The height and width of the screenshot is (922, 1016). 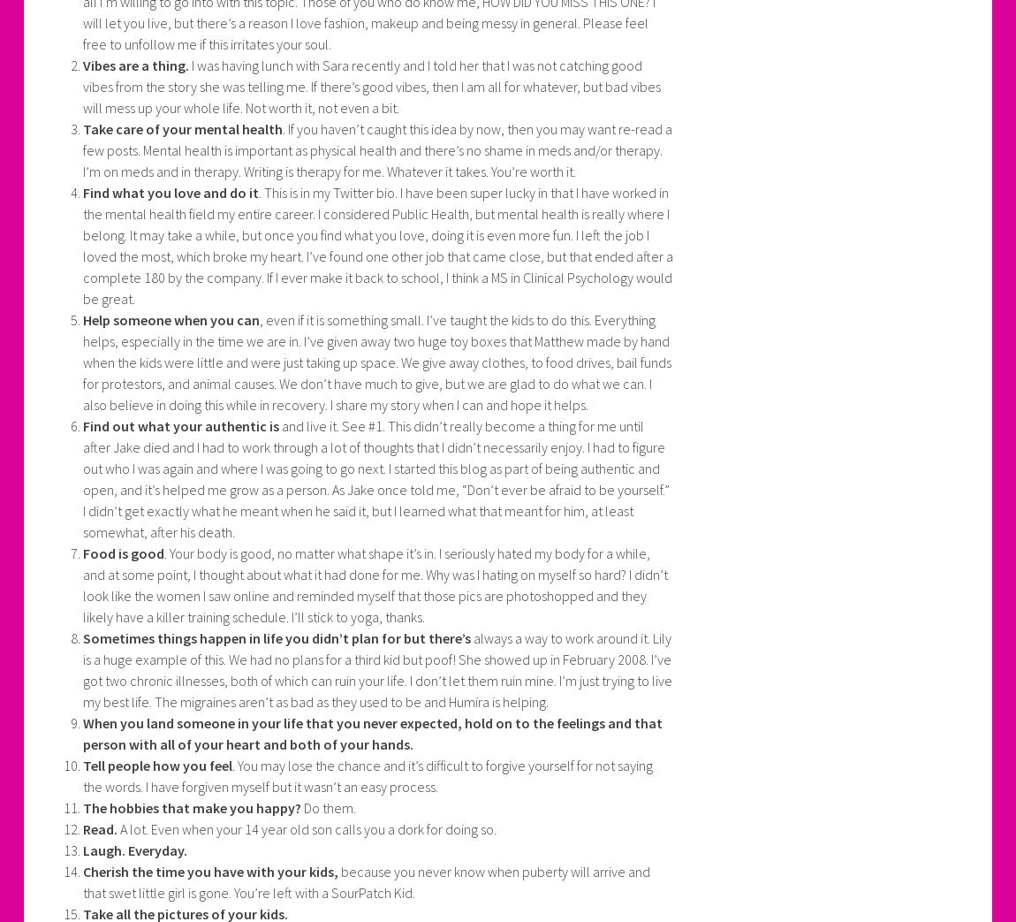 What do you see at coordinates (81, 245) in the screenshot?
I see `'. This is in my Twitter bio. I have been super lucky in that I have worked in the mental health field my entire career. I considered Public Health, but mental health is really where I belong. It may take a while, but once you find what you love, doing it is even more fun. I left the job I loved the most, which broke my heart. I’ve found one other job that came close, but that ended after a complete 180 by the company. If I ever make it back to school, I think a MS in Clinical Psychology would be great.'` at bounding box center [81, 245].